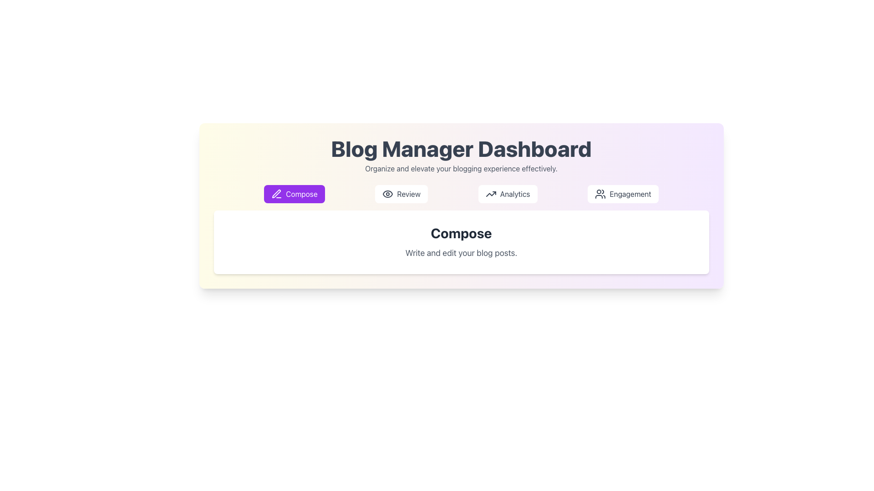  I want to click on the 'Review' button with rounded corners, white background, and gray text, so click(401, 194).